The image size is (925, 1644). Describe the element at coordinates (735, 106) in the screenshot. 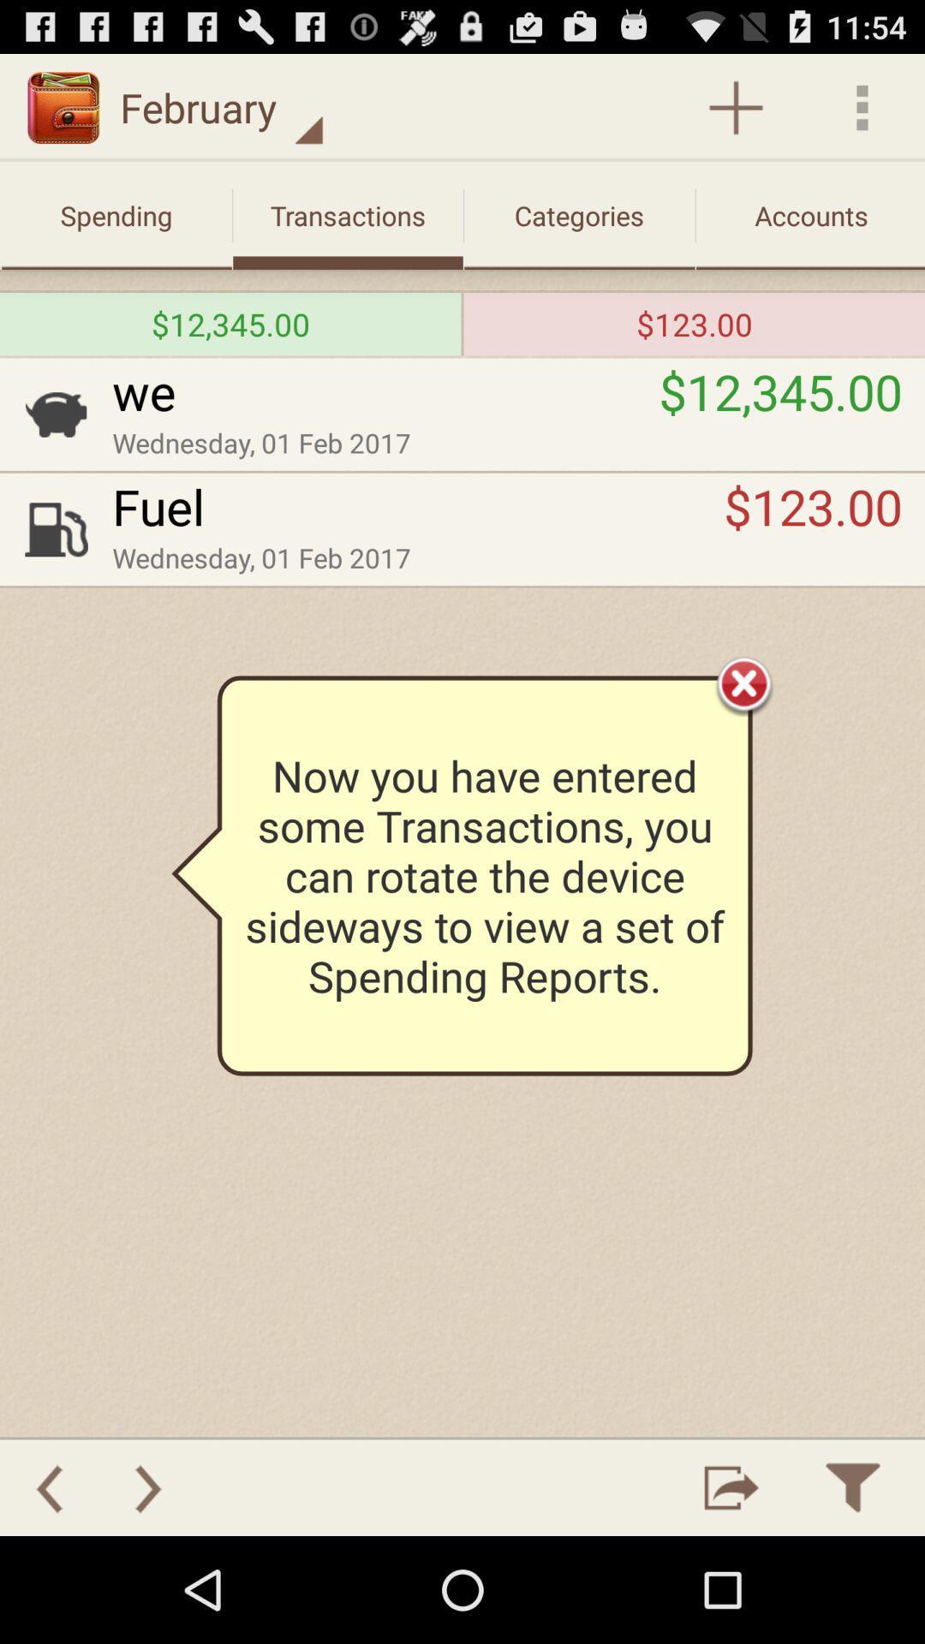

I see `the button next to february` at that location.